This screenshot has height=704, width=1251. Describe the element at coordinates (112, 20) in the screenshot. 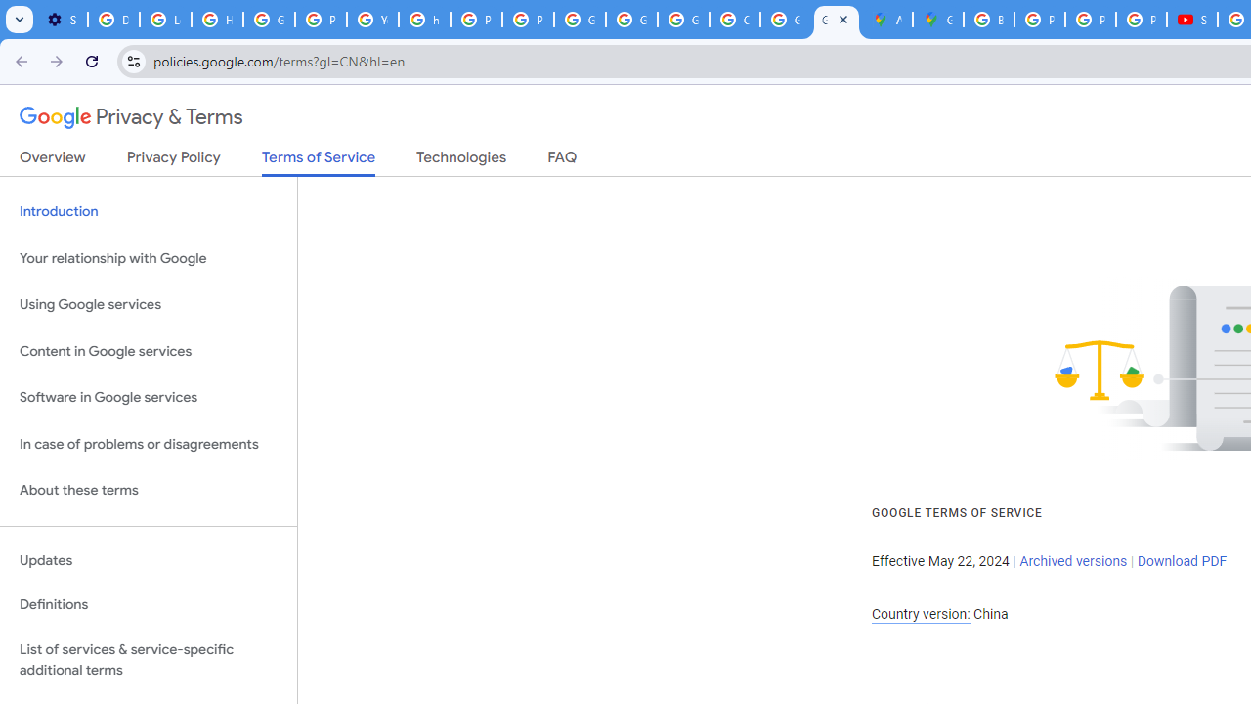

I see `'Delete photos & videos - Computer - Google Photos Help'` at that location.